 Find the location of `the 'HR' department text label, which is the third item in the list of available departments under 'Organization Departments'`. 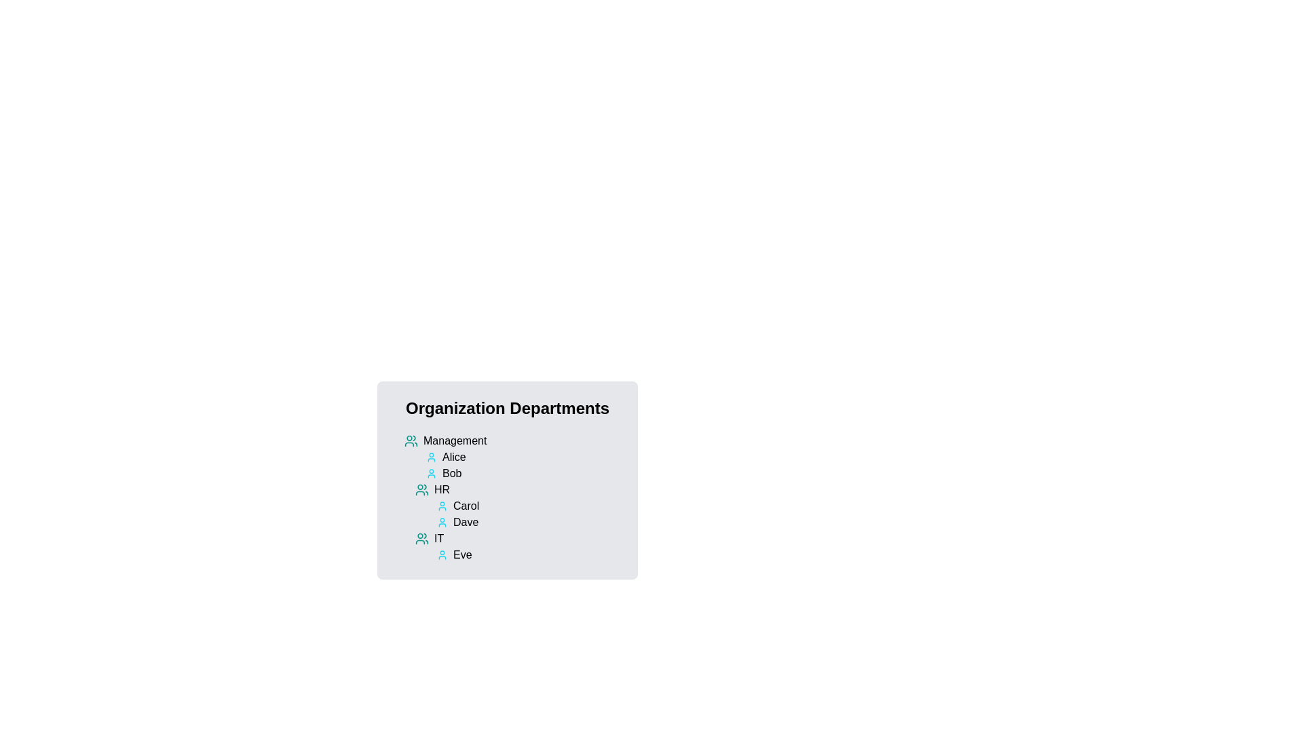

the 'HR' department text label, which is the third item in the list of available departments under 'Organization Departments' is located at coordinates (442, 489).